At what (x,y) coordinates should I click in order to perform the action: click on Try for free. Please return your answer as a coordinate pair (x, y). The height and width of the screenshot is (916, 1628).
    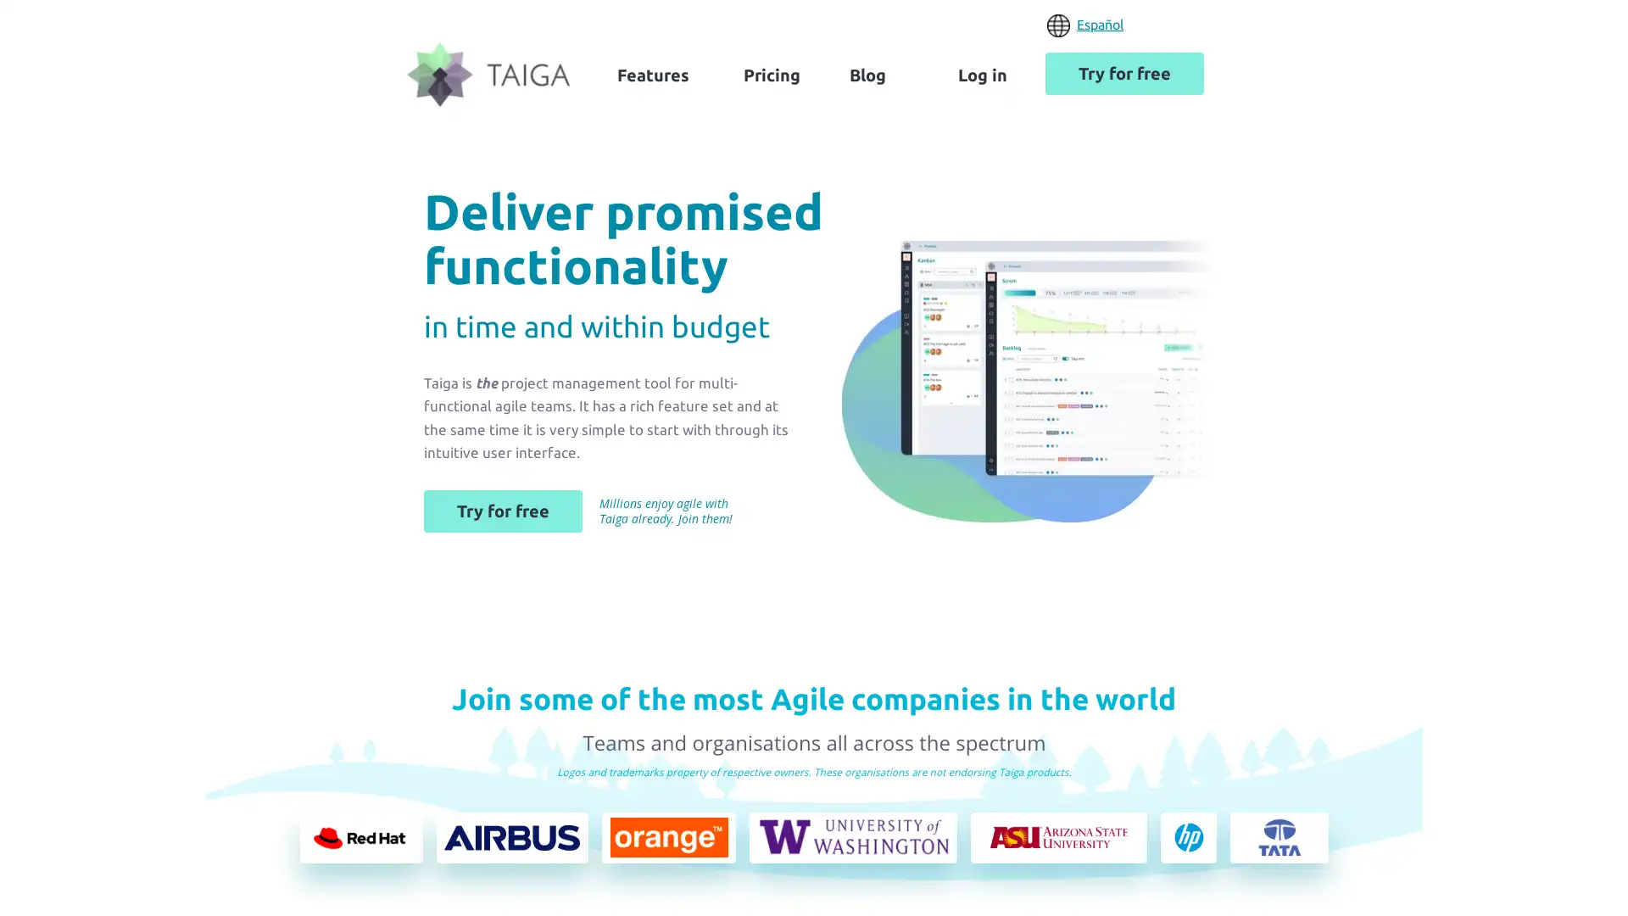
    Looking at the image, I should click on (1124, 73).